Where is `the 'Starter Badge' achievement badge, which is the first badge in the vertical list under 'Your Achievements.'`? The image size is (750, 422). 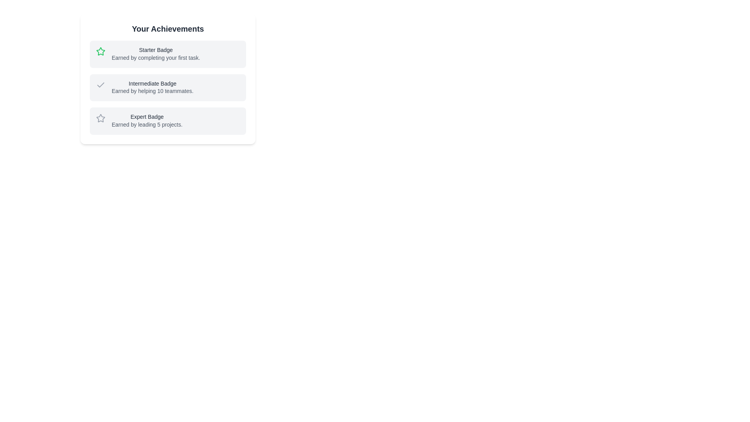 the 'Starter Badge' achievement badge, which is the first badge in the vertical list under 'Your Achievements.' is located at coordinates (168, 54).